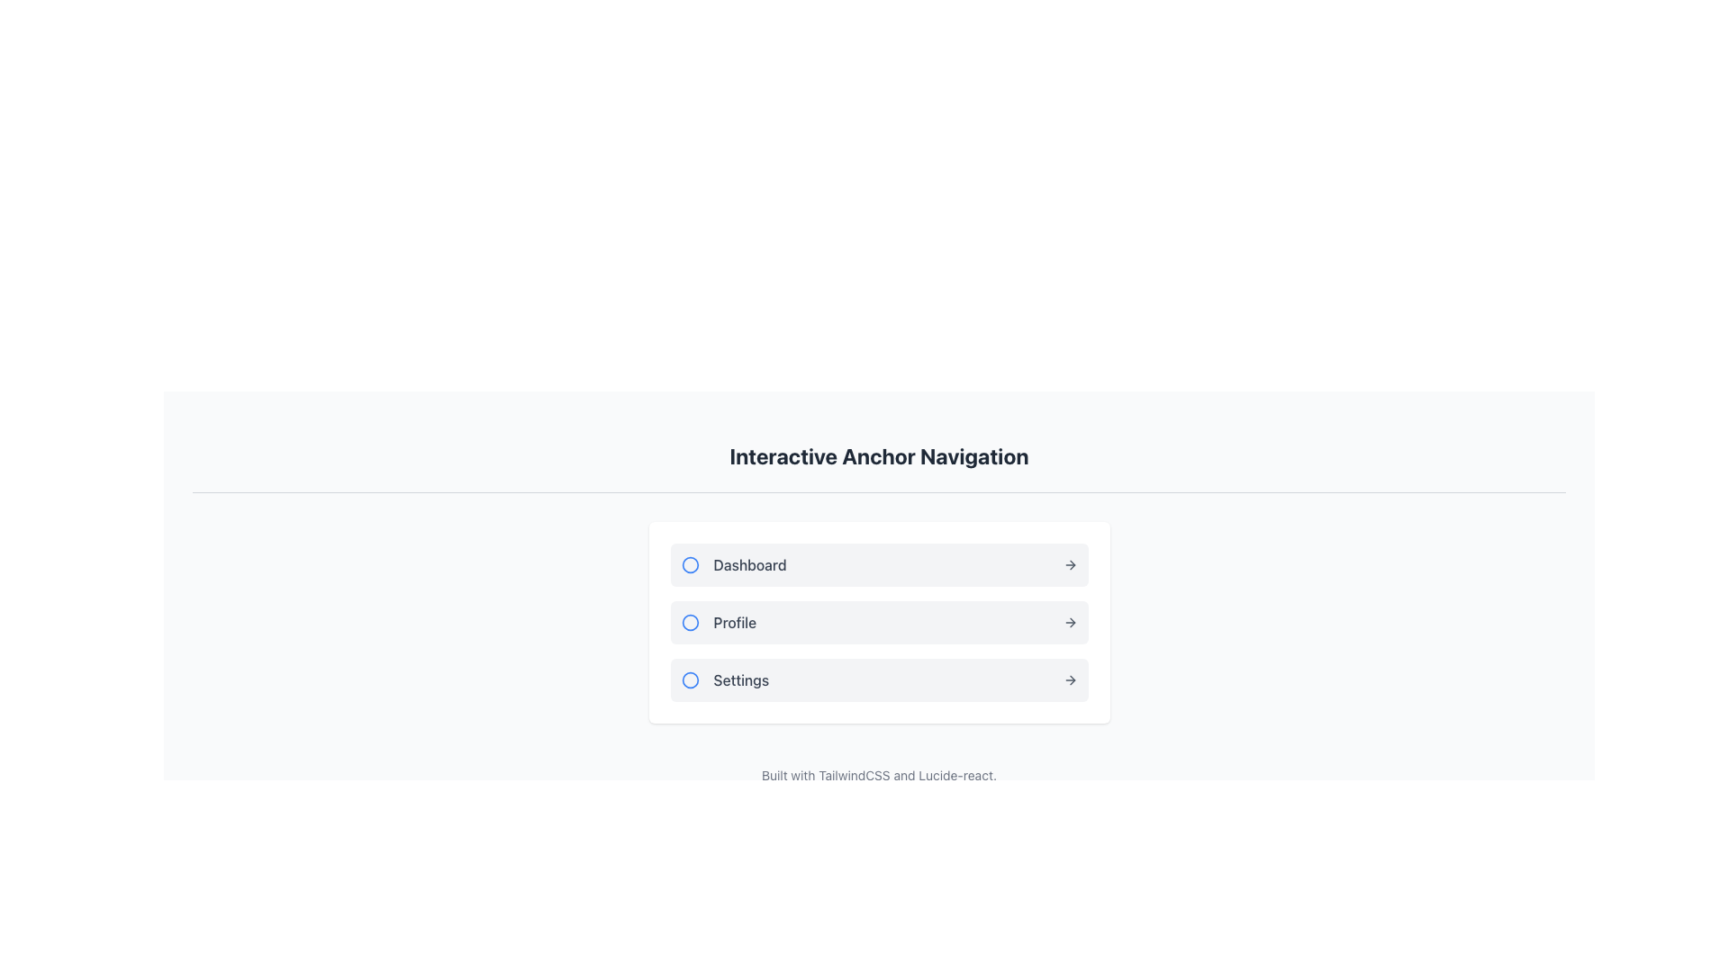  Describe the element at coordinates (879, 680) in the screenshot. I see `the 'Settings' button, which is a rectangular button with a light gray background and labeled 'Settings', positioned below the 'Profile' button` at that location.